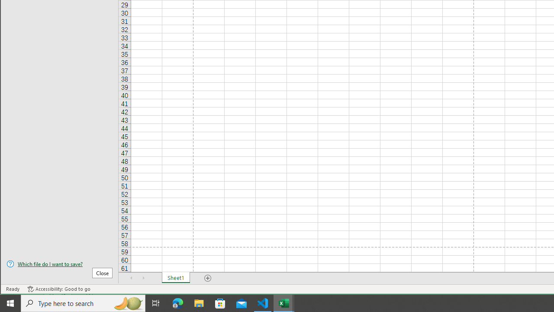 This screenshot has height=312, width=554. I want to click on 'Microsoft Store', so click(220, 302).